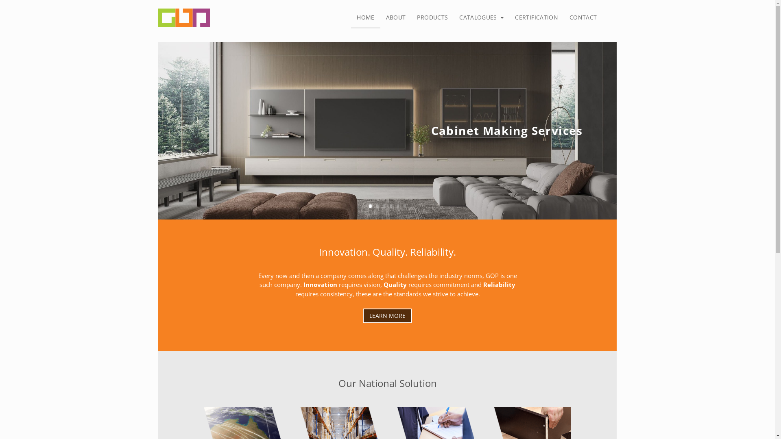 The width and height of the screenshot is (781, 439). Describe the element at coordinates (377, 205) in the screenshot. I see `'2'` at that location.